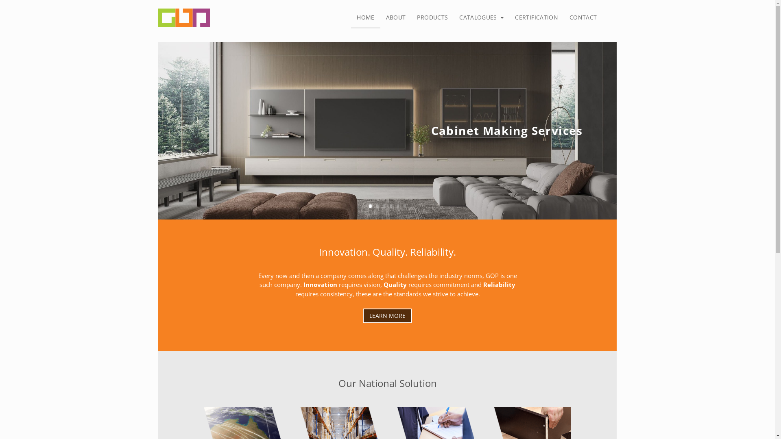 The width and height of the screenshot is (781, 439). Describe the element at coordinates (377, 205) in the screenshot. I see `'2'` at that location.